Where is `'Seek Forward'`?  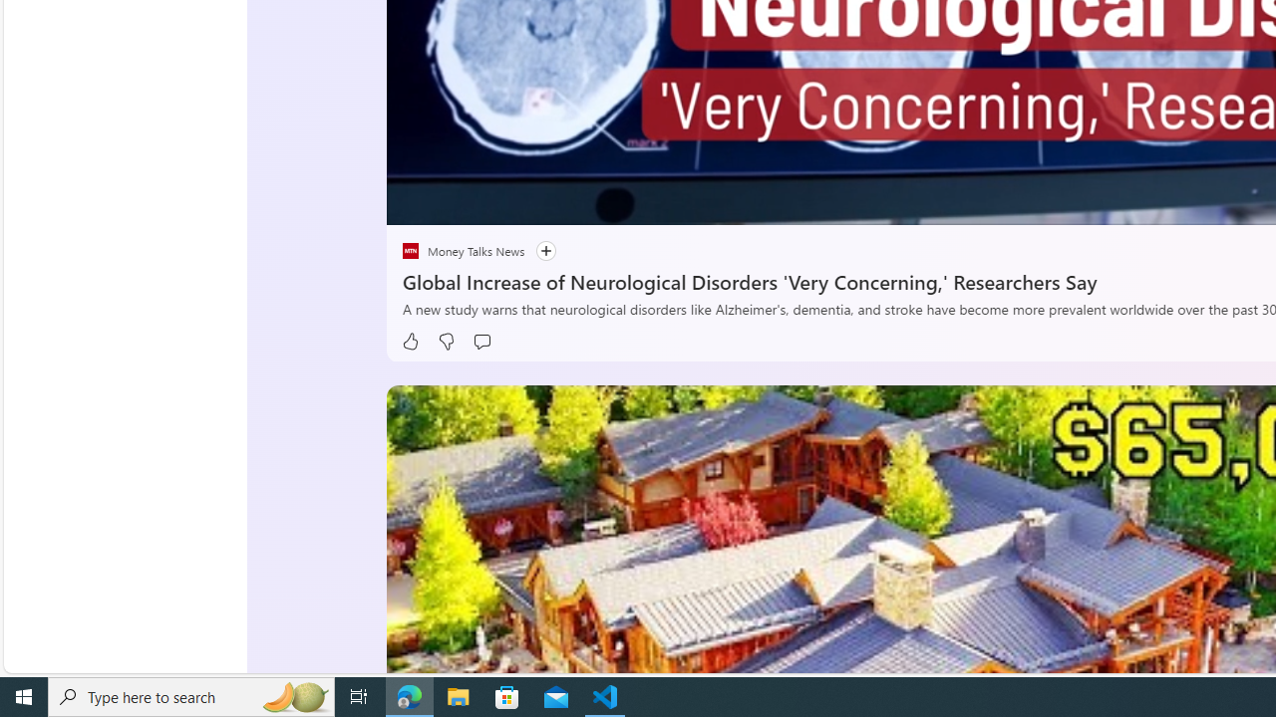
'Seek Forward' is located at coordinates (495, 202).